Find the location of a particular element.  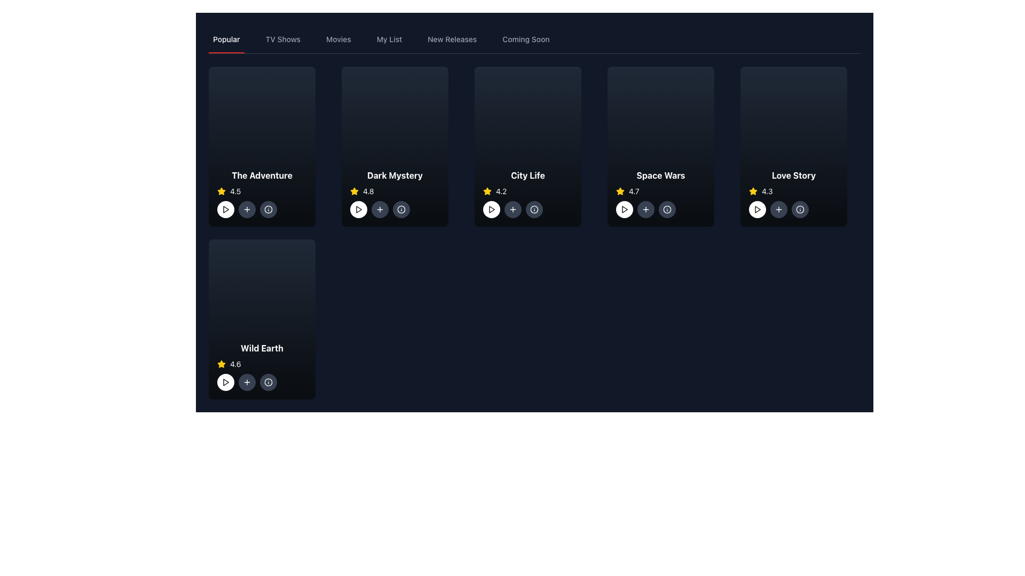

the representation of the yellow filled star icon indicating a rating of '4.2' in the content card titled 'City Life', located in the third column of the top row is located at coordinates (486, 190).